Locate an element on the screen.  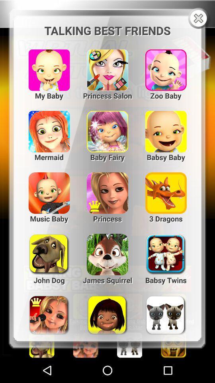
2nd image in last row is located at coordinates (107, 312).